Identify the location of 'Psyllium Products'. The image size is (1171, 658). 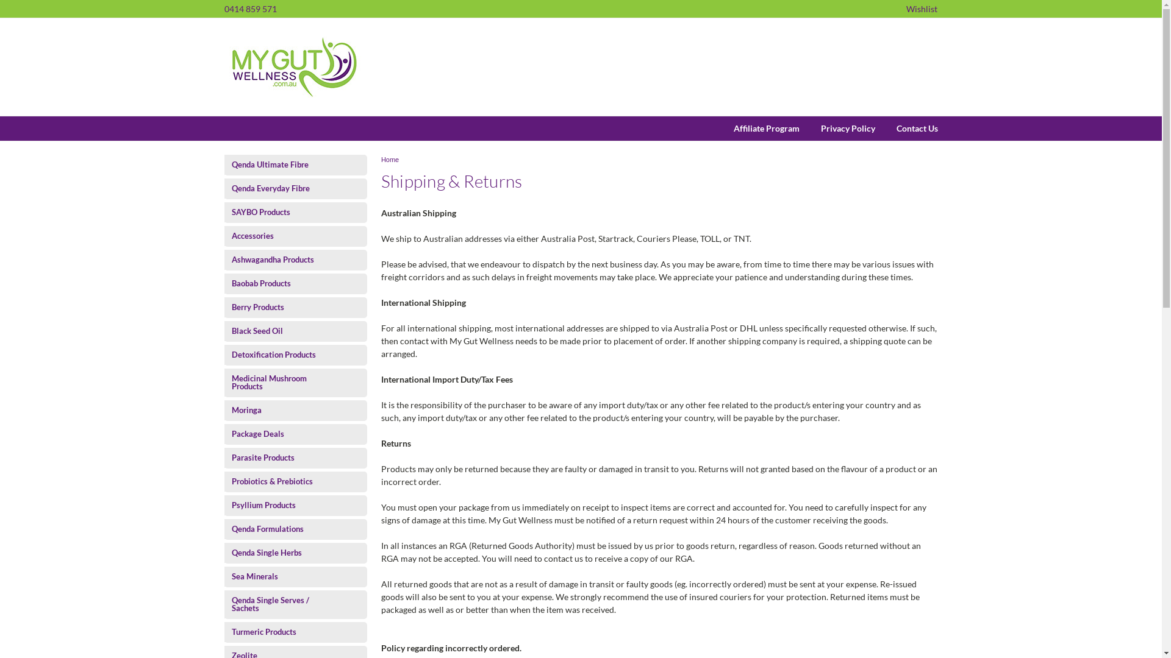
(284, 505).